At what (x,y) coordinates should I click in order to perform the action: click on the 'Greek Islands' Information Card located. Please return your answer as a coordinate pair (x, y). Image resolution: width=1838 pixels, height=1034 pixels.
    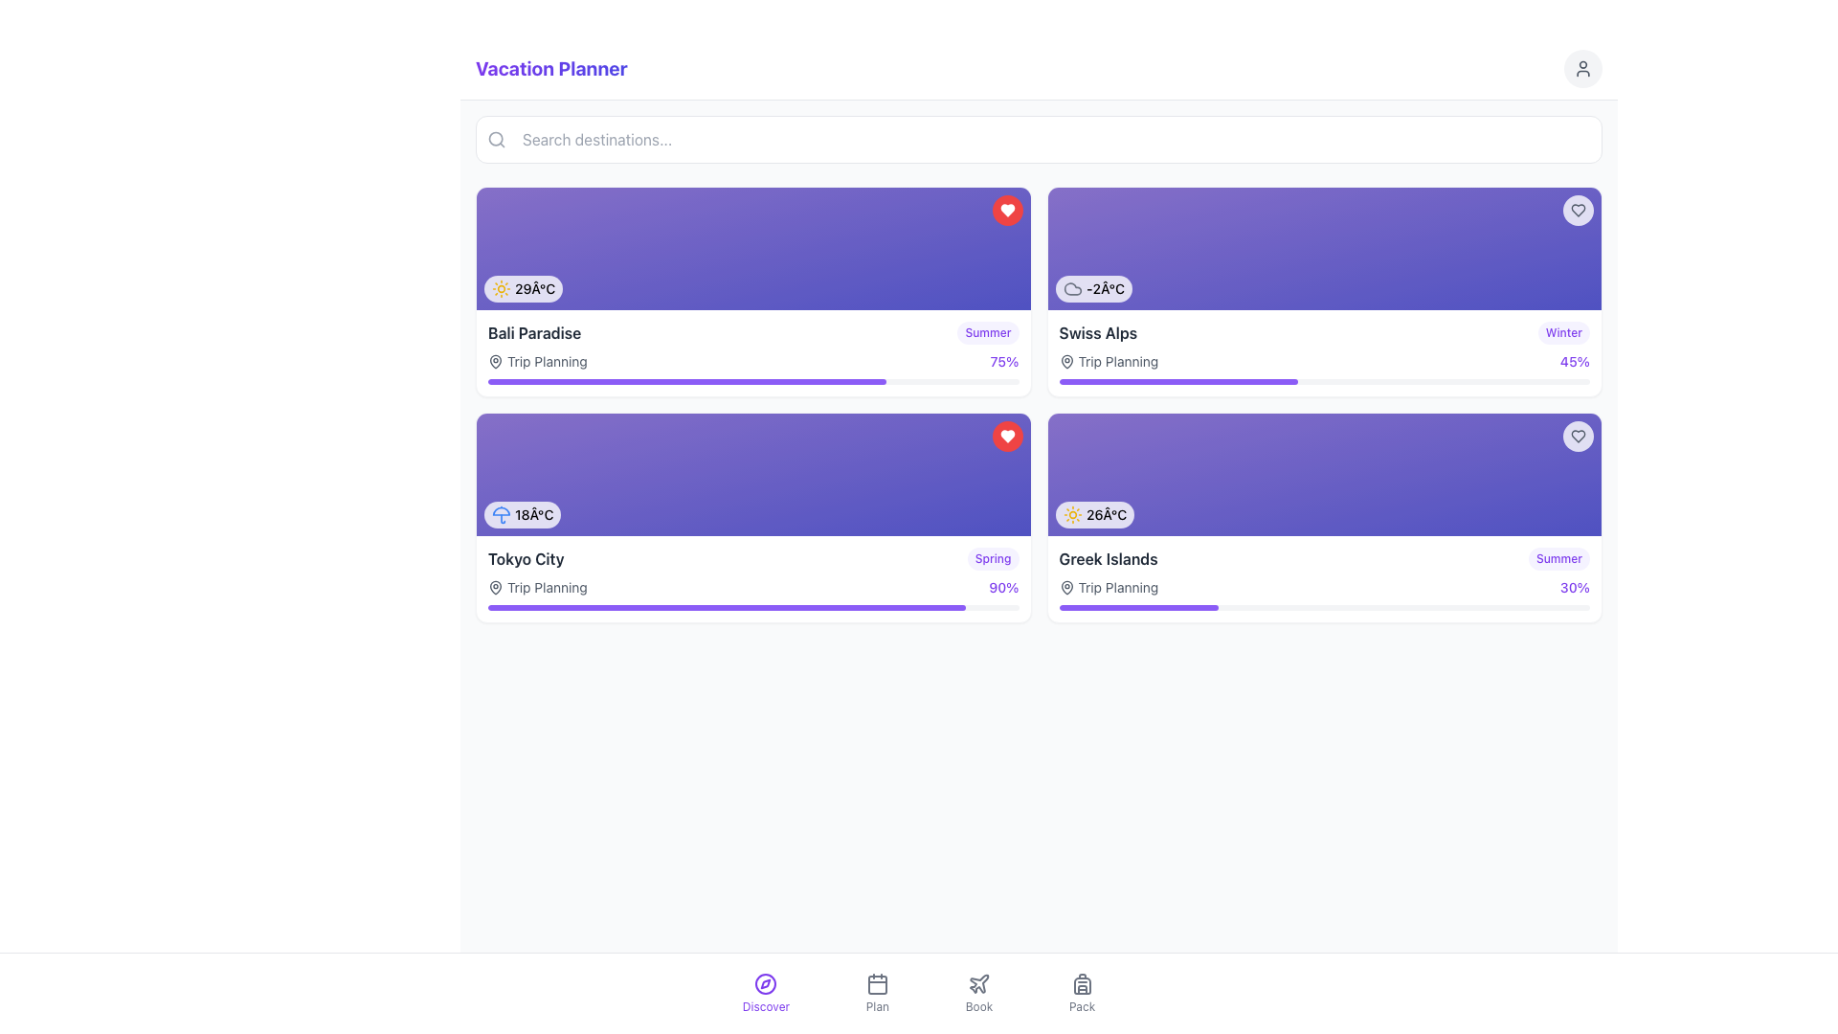
    Looking at the image, I should click on (1323, 578).